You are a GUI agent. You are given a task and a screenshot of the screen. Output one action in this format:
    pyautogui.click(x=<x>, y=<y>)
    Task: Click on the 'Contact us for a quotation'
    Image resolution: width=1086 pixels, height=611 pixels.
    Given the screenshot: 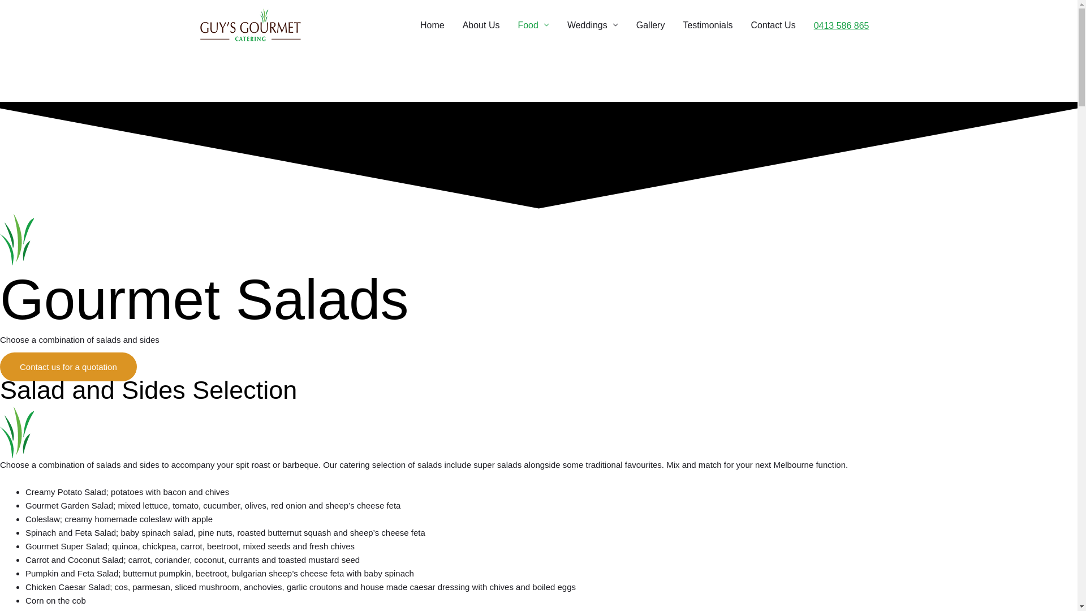 What is the action you would take?
    pyautogui.click(x=67, y=366)
    